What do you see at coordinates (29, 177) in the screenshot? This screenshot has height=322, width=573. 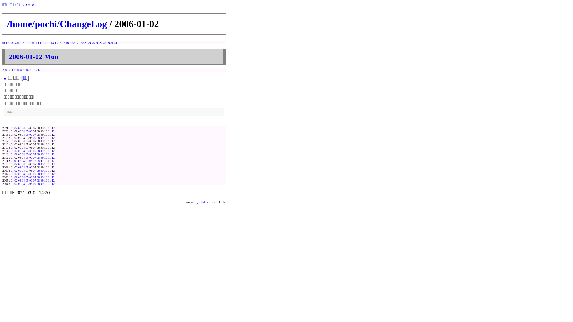 I see `'06'` at bounding box center [29, 177].